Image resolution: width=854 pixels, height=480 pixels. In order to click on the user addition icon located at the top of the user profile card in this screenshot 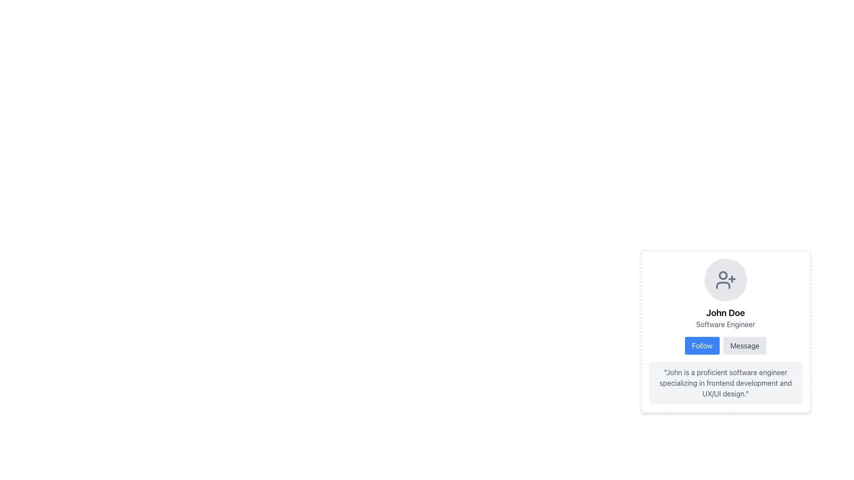, I will do `click(725, 279)`.